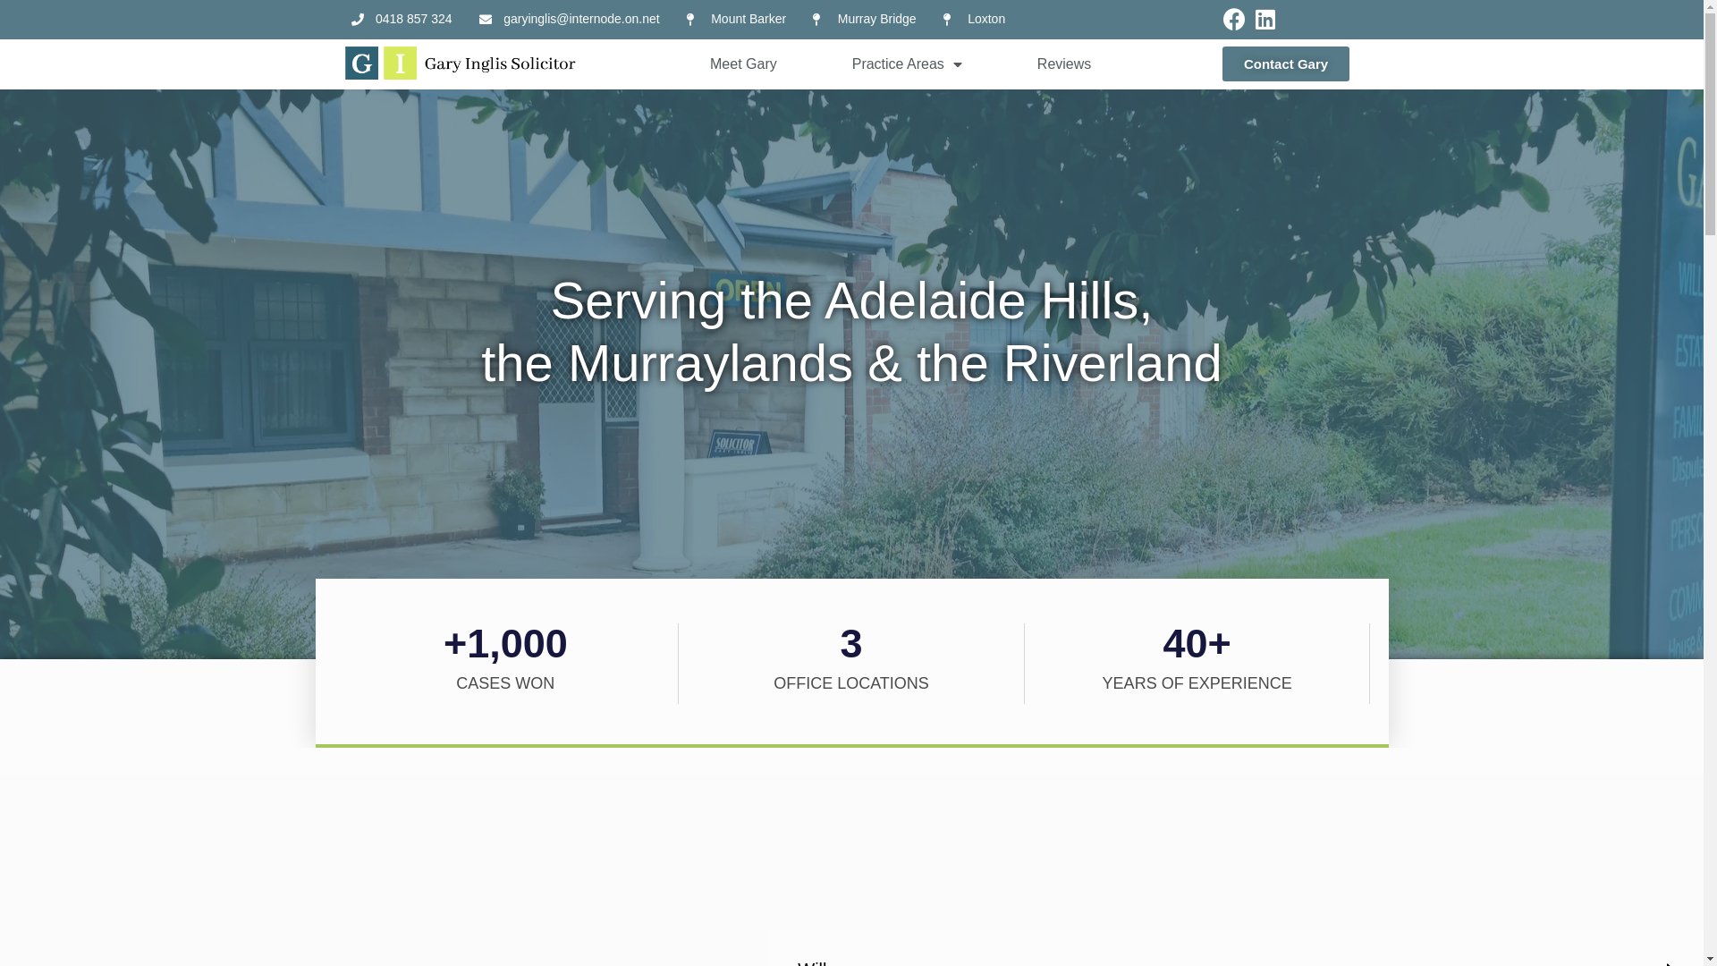 This screenshot has height=966, width=1717. What do you see at coordinates (1064, 64) in the screenshot?
I see `'Reviews'` at bounding box center [1064, 64].